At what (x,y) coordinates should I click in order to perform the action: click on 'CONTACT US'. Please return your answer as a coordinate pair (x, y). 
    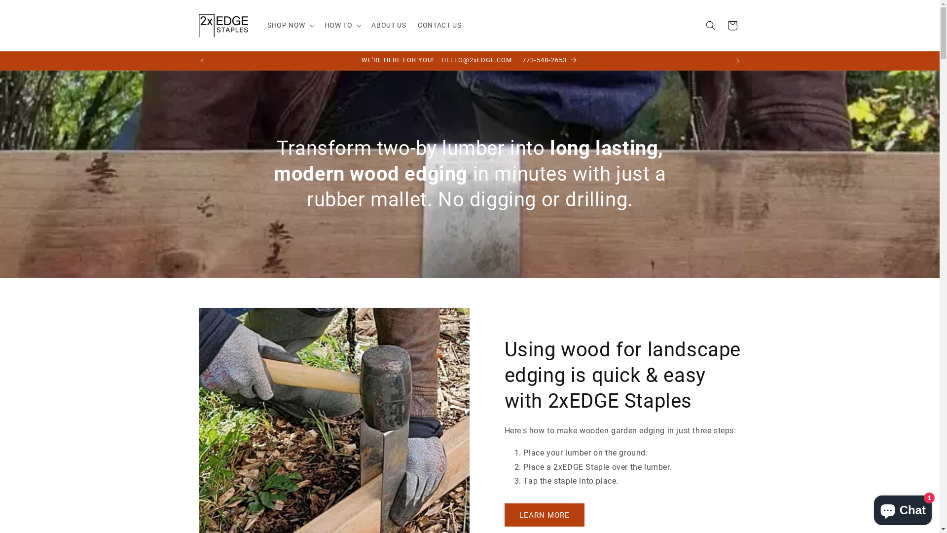
    Looking at the image, I should click on (439, 24).